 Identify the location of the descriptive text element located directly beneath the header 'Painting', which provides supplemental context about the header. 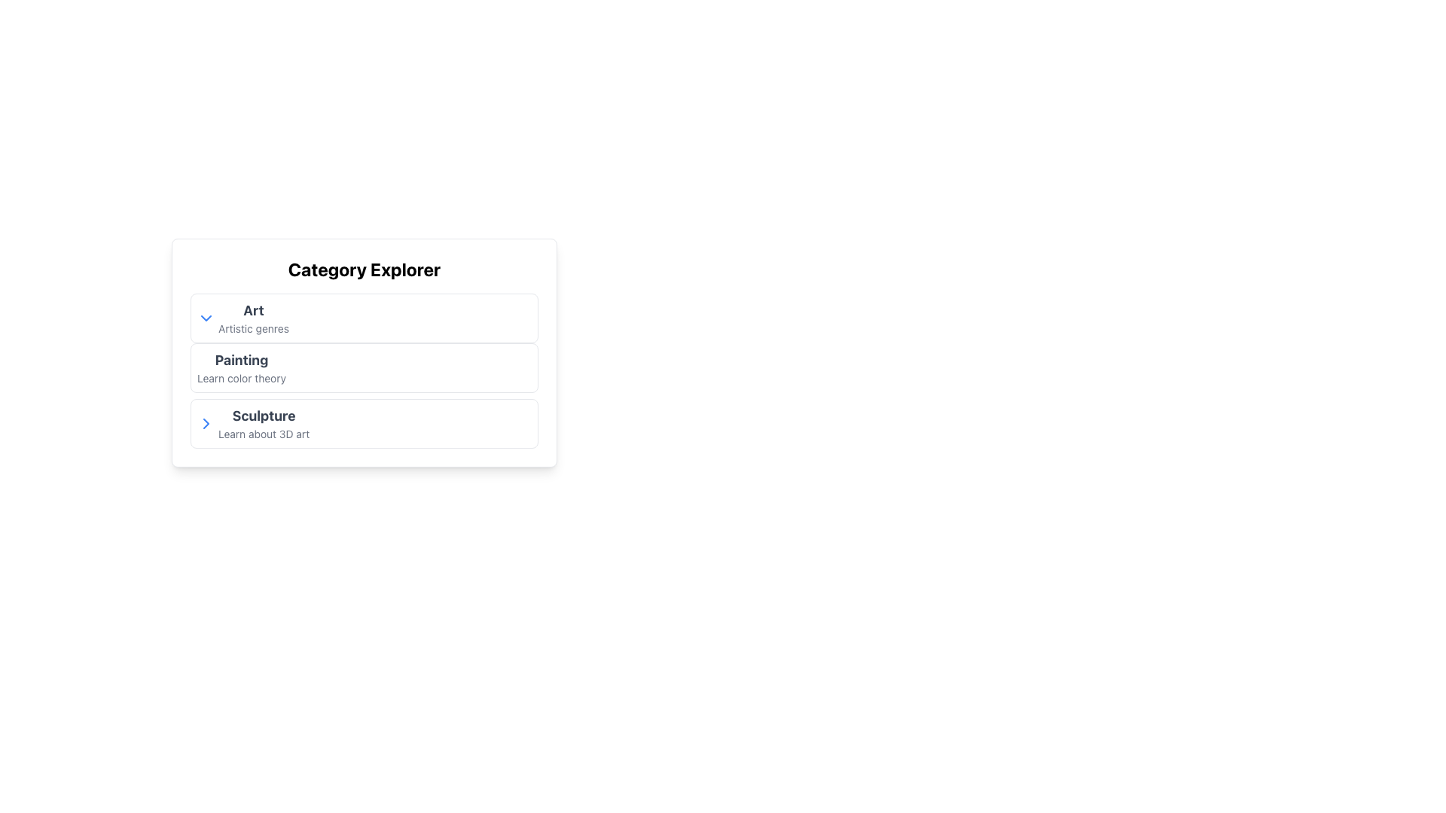
(242, 377).